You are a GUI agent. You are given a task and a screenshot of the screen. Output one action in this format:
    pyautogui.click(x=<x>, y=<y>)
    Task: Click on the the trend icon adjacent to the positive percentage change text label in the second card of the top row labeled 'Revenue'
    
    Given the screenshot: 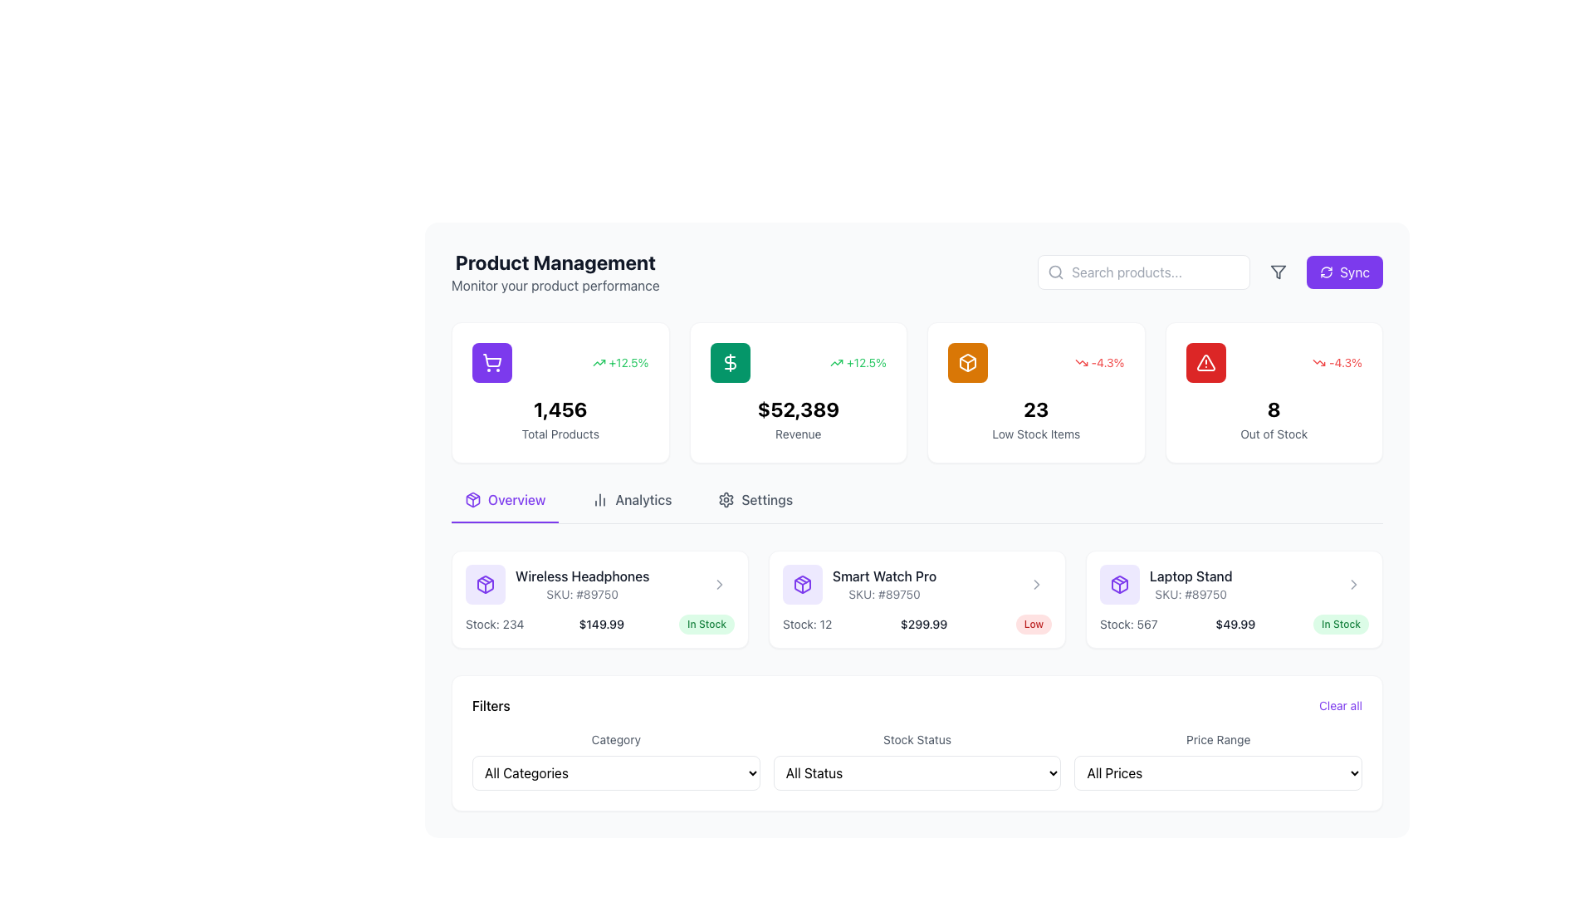 What is the action you would take?
    pyautogui.click(x=858, y=361)
    